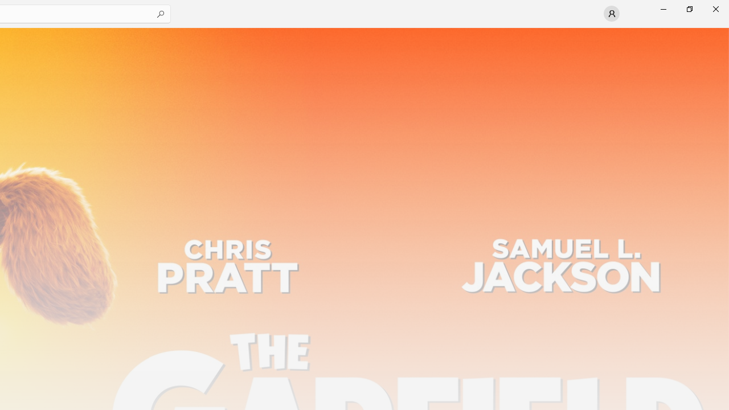  I want to click on 'User profile', so click(611, 14).